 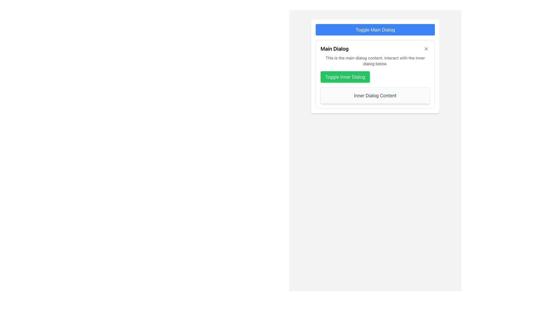 I want to click on the close icon located in the top-right corner of the 'Main Dialog', which is represented by an 'X' formed by two intersecting lines, so click(x=426, y=48).